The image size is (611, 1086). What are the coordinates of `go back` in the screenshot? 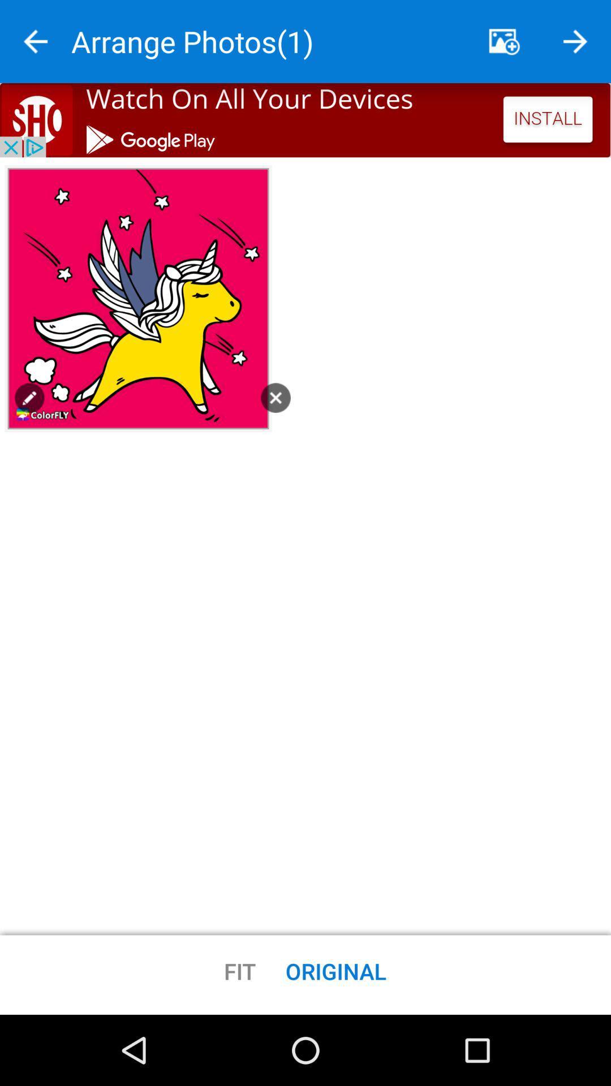 It's located at (575, 41).